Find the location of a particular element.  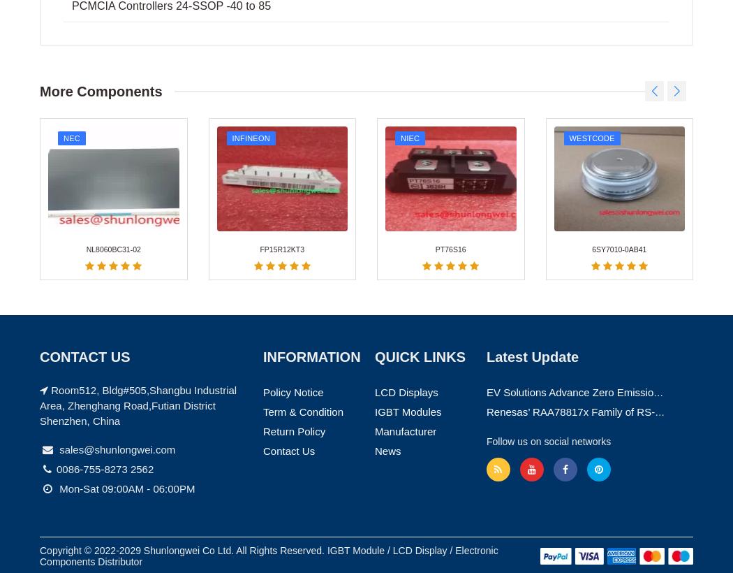

'Contact Us' is located at coordinates (288, 150).